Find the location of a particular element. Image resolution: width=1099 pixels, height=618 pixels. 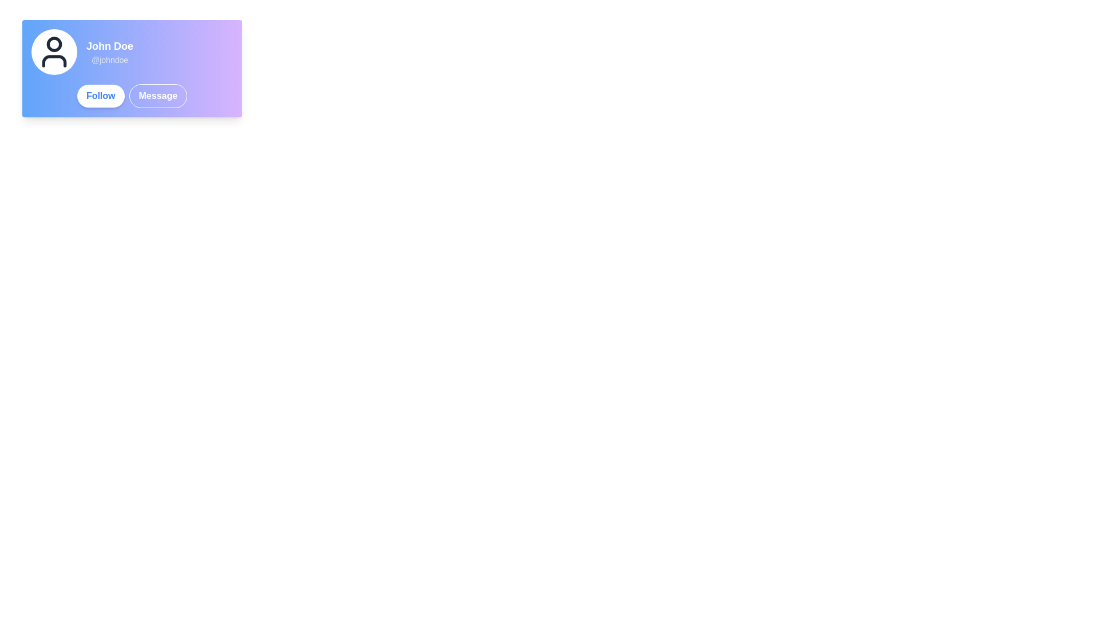

the stylized depiction of shoulders and neck in the user profile icon, located centrally within the user profile card, just below the circular head is located at coordinates (54, 61).